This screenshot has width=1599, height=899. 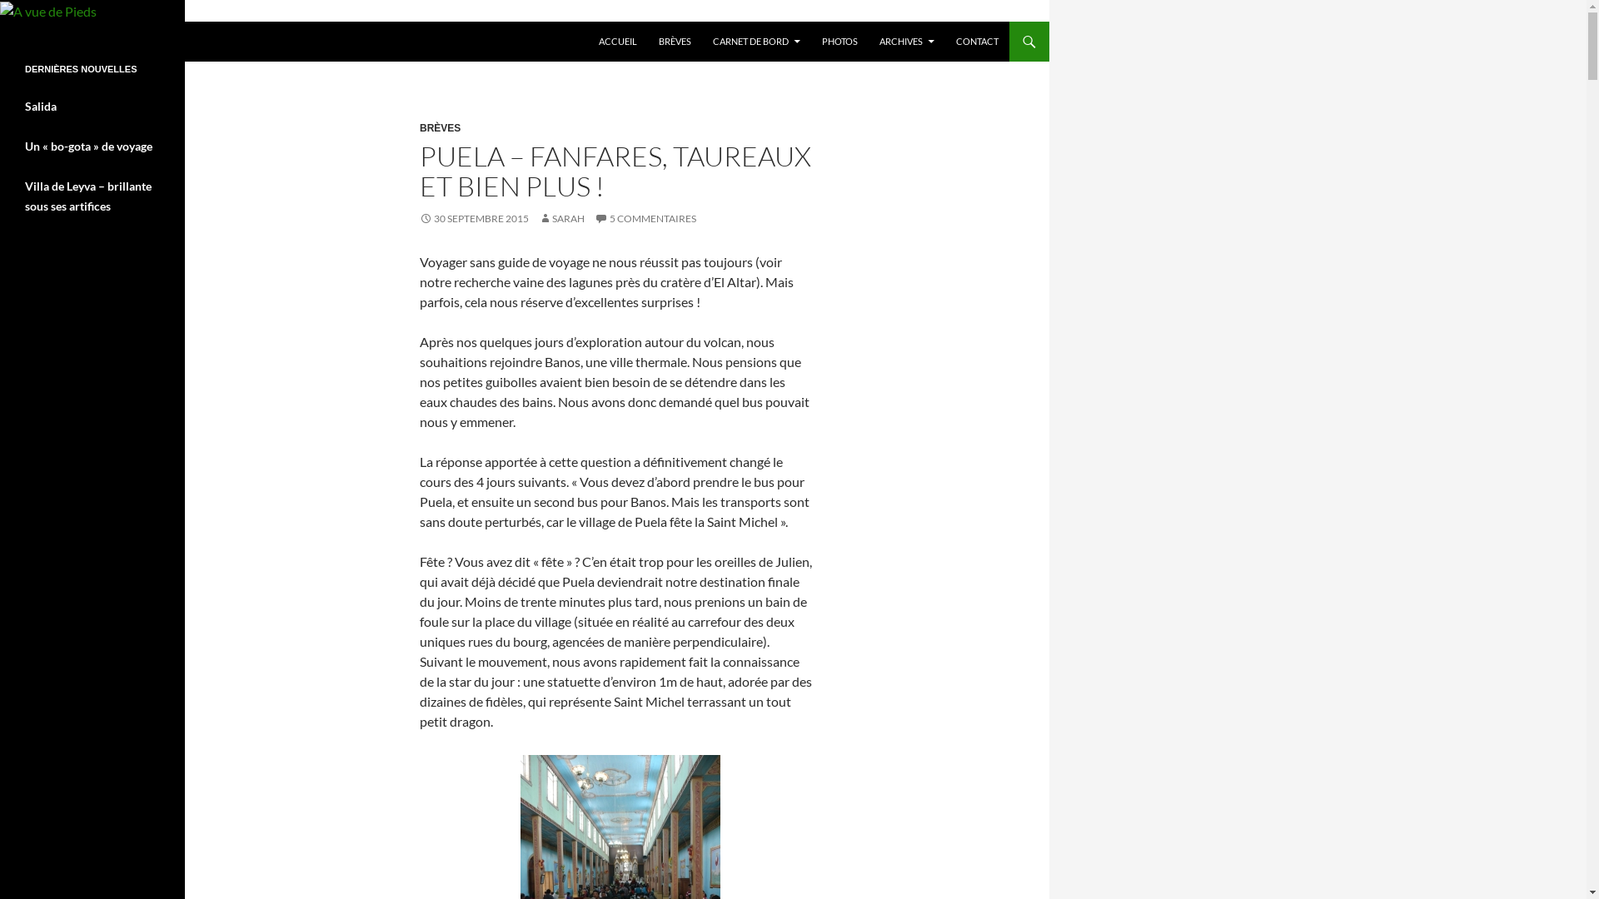 What do you see at coordinates (755, 41) in the screenshot?
I see `'CARNET DE BORD'` at bounding box center [755, 41].